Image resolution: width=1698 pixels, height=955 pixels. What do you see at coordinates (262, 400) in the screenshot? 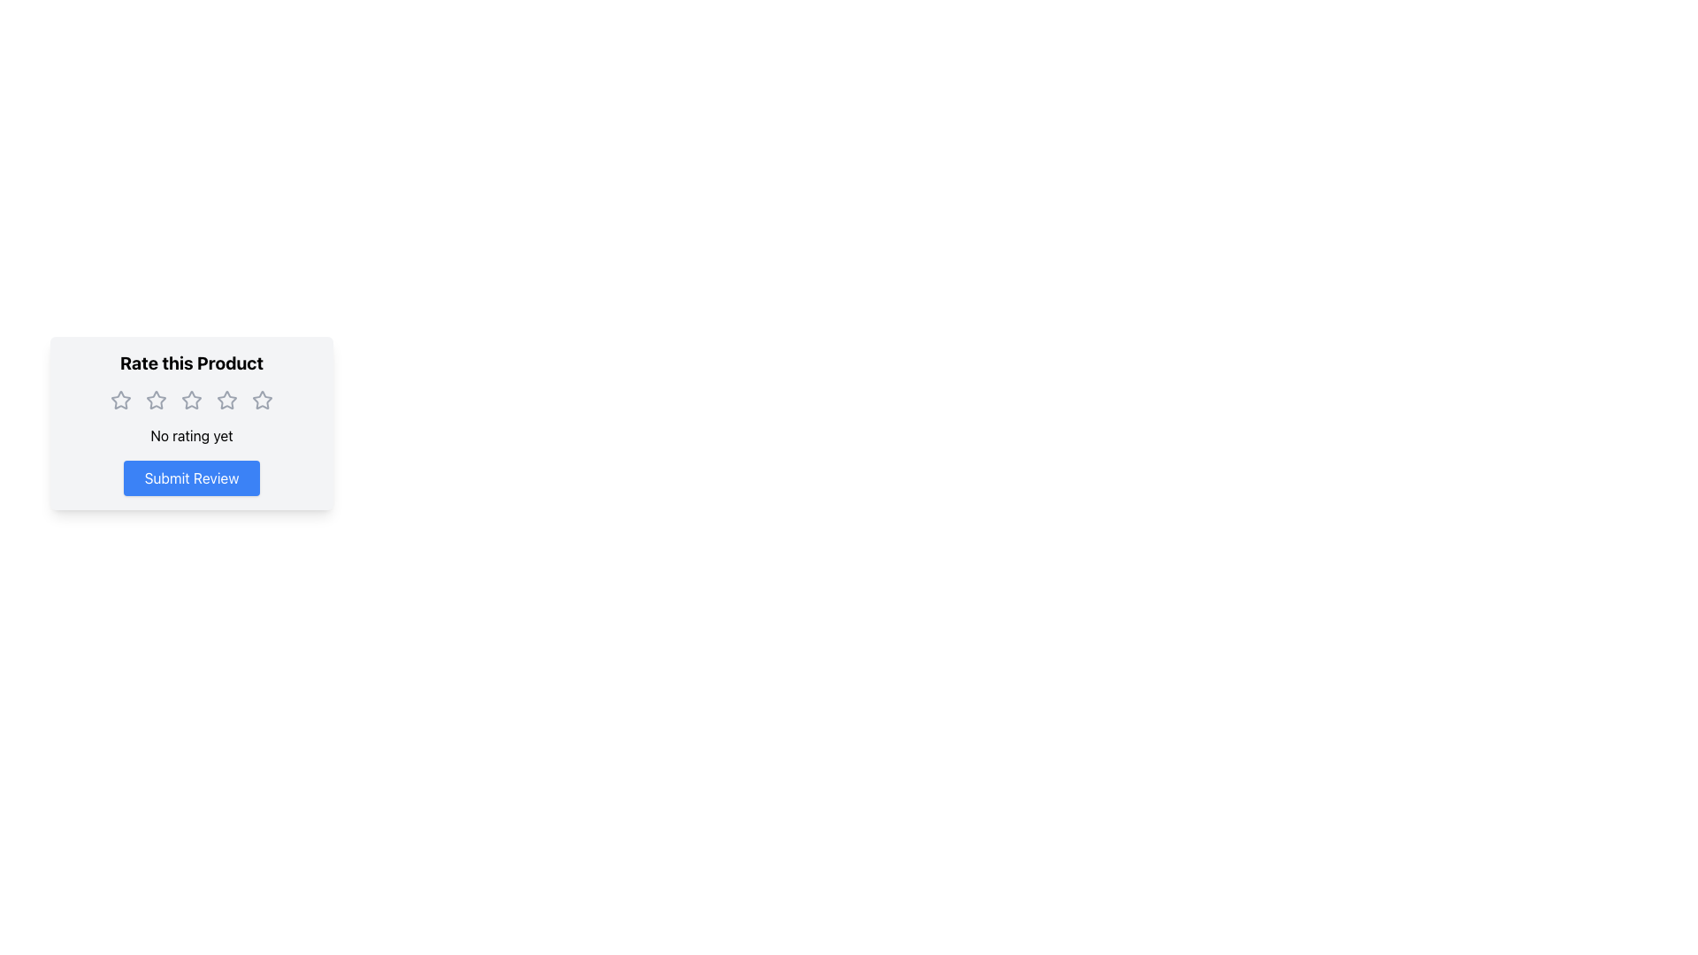
I see `the fifth gray star icon in the rating component beneath the text 'Rate this Product'` at bounding box center [262, 400].